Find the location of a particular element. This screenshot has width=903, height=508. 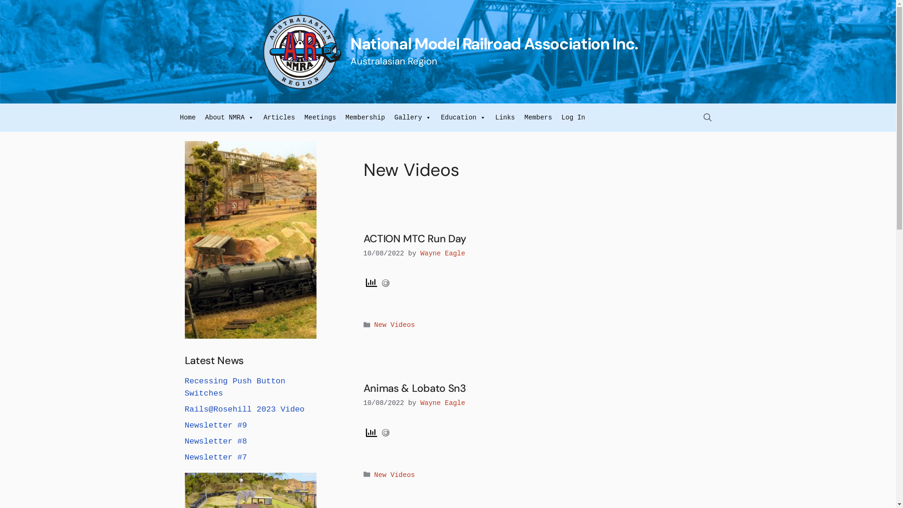

'Newsletter #8' is located at coordinates (215, 441).